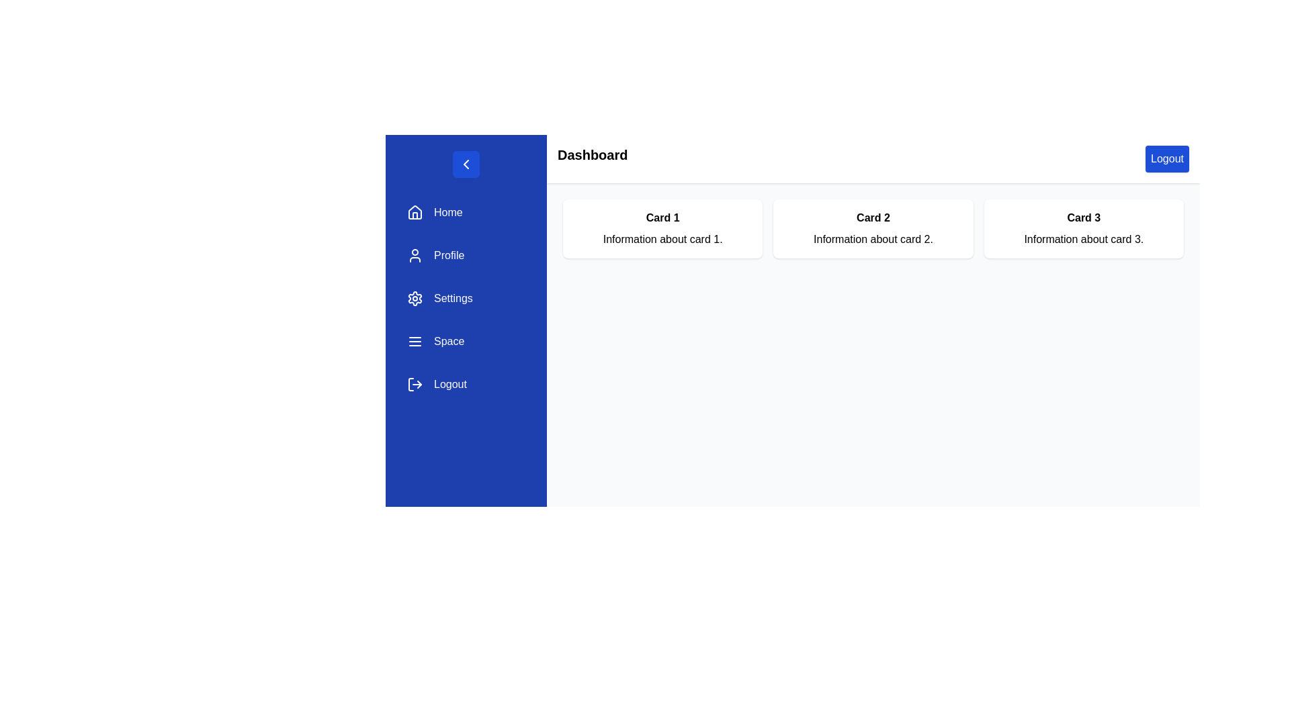 The image size is (1290, 725). What do you see at coordinates (450, 385) in the screenshot?
I see `label text for the logout option located in the sidebar menu, positioned to the right of the logout icon` at bounding box center [450, 385].